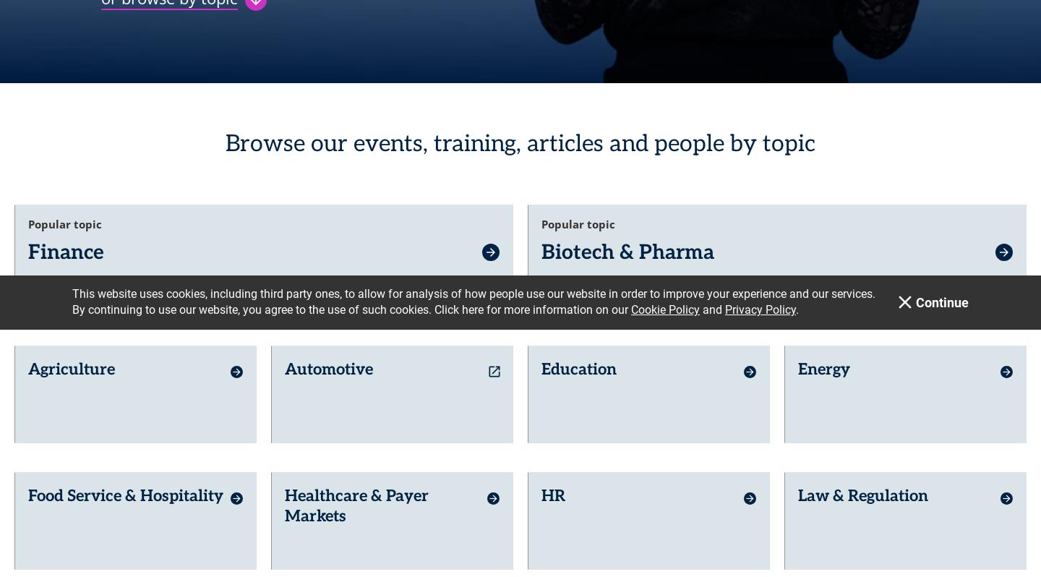 This screenshot has height=577, width=1041. Describe the element at coordinates (823, 359) in the screenshot. I see `'Energy'` at that location.